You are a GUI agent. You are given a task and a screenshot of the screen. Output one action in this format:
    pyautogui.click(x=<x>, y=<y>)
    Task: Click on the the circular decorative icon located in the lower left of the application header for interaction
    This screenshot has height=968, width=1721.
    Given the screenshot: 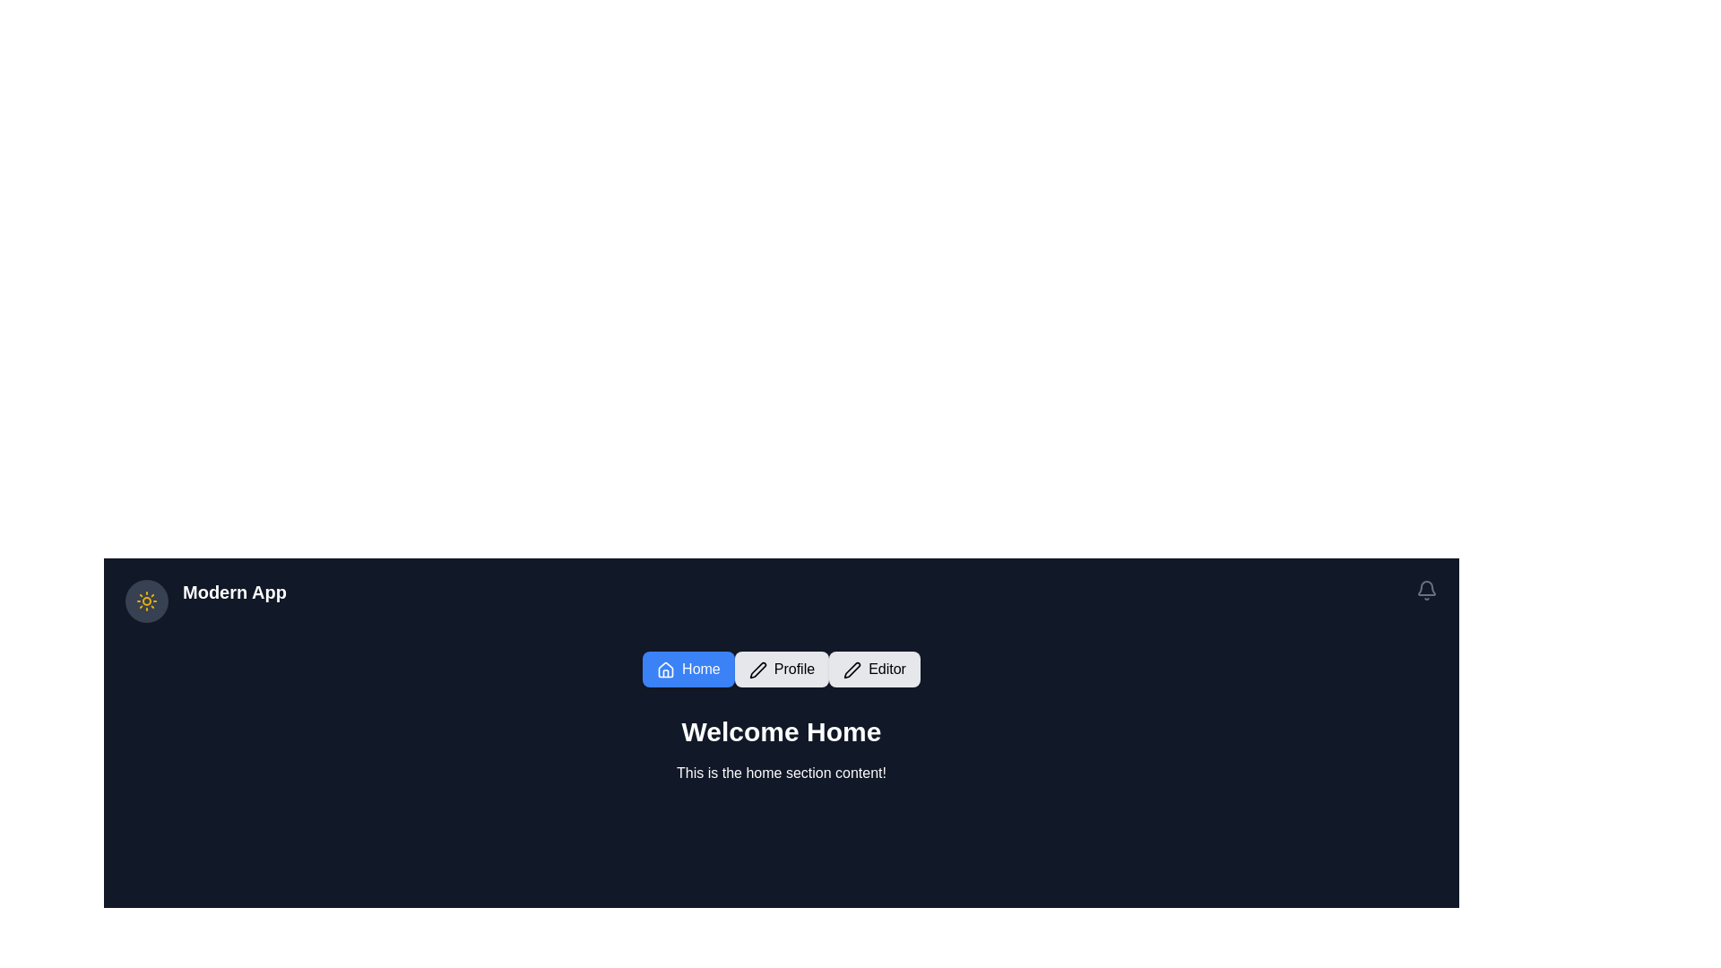 What is the action you would take?
    pyautogui.click(x=146, y=601)
    